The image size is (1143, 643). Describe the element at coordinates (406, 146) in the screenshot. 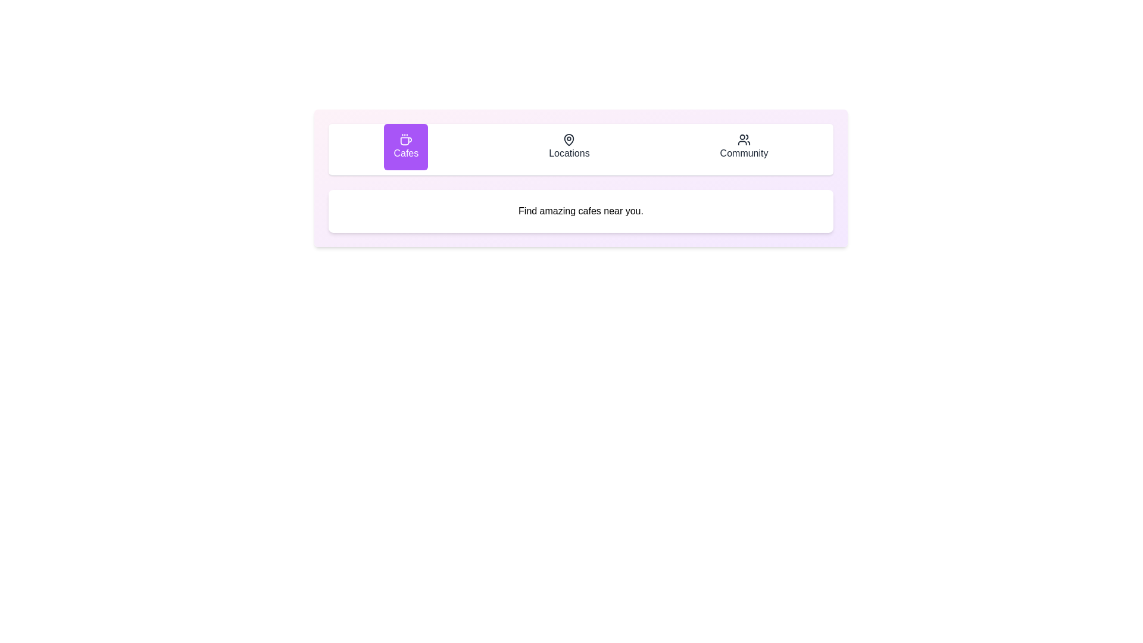

I see `the first button of the three-button group that navigates to cafe-related information for accessibility interaction` at that location.